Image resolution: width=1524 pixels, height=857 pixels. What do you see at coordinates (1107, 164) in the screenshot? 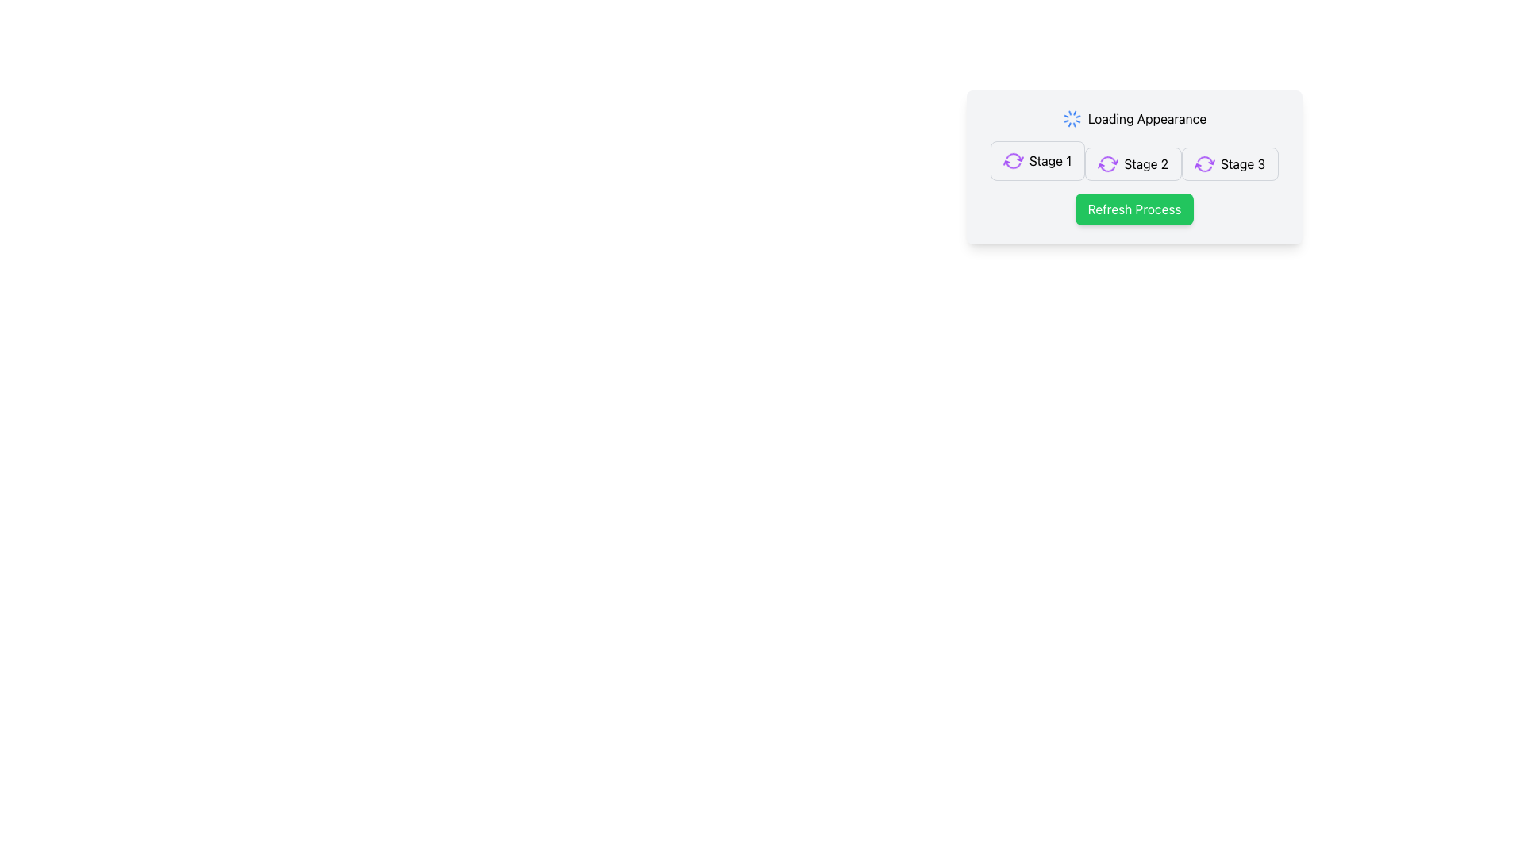
I see `the loading icon indicating the refreshing state for the 'Stage 2' process, located at the center of the 'Stage 2' section of the user interface` at bounding box center [1107, 164].